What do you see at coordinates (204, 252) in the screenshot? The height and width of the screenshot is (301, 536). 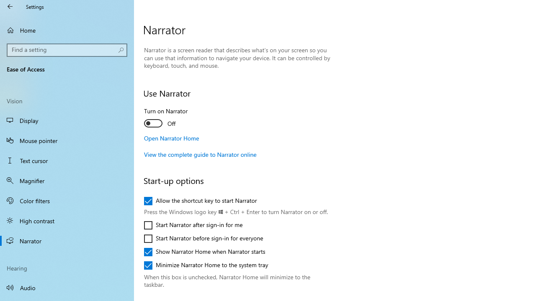 I see `'Show Narrator Home when Narrator starts'` at bounding box center [204, 252].